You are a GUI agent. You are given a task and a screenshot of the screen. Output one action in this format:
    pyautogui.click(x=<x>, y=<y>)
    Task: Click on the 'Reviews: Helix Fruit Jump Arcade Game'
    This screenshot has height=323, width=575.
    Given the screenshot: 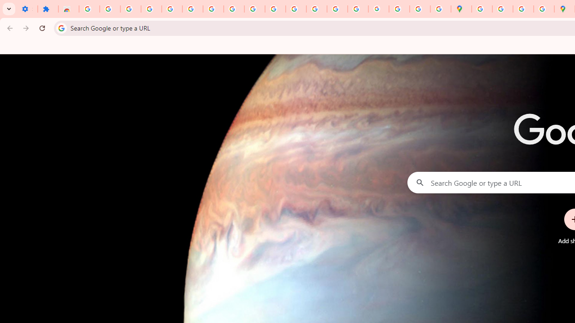 What is the action you would take?
    pyautogui.click(x=68, y=9)
    